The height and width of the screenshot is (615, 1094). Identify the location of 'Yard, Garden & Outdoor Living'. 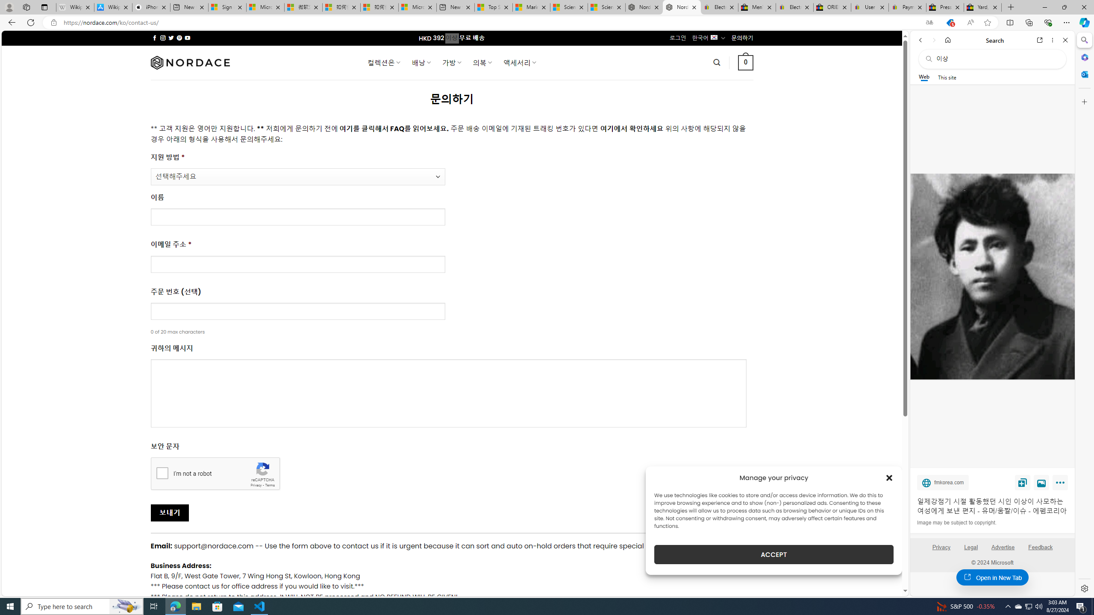
(982, 7).